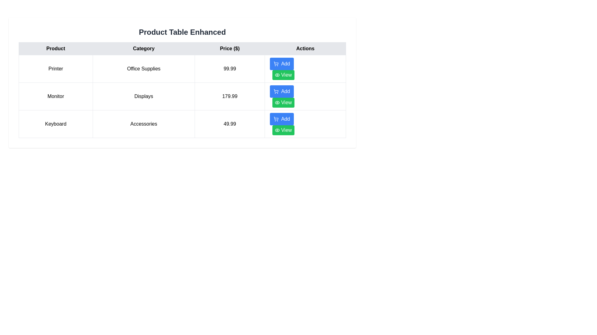 The image size is (597, 335). Describe the element at coordinates (229, 96) in the screenshot. I see `the static text displaying the price '179.99' located in the 'Monitor' row and third column under the 'Price ($)' header` at that location.